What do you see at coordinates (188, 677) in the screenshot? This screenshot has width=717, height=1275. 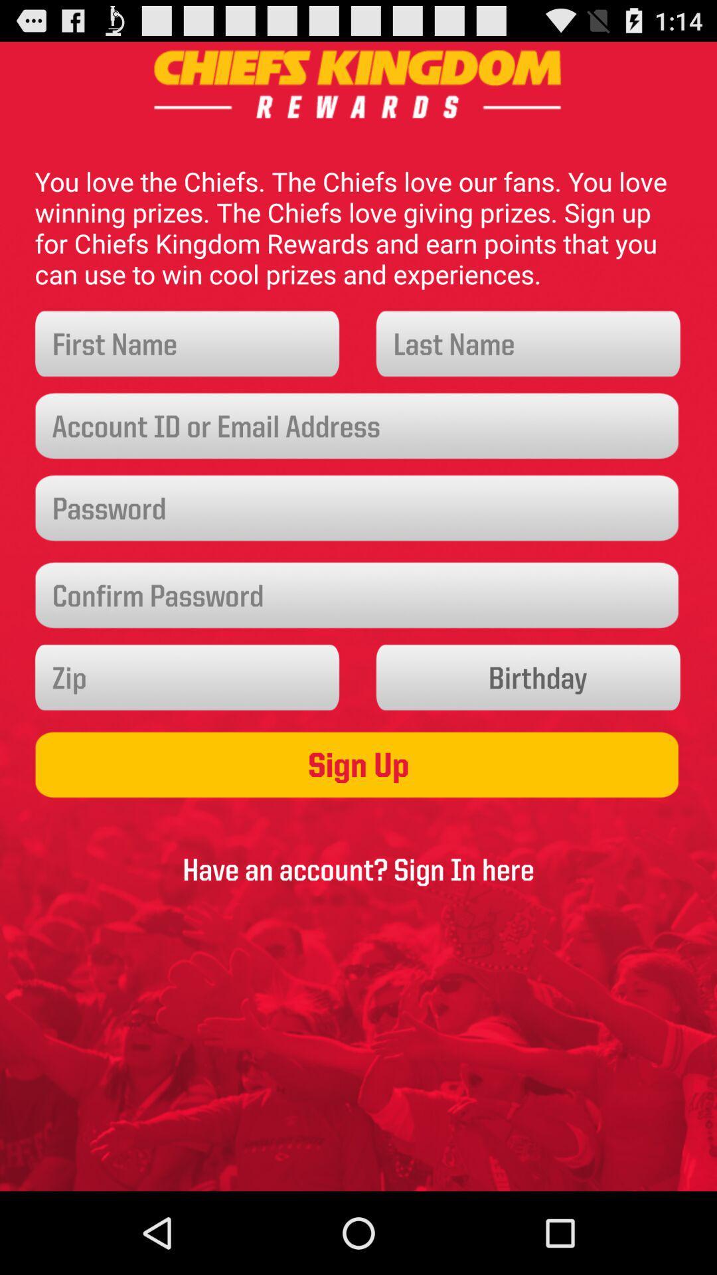 I see `a zip code` at bounding box center [188, 677].